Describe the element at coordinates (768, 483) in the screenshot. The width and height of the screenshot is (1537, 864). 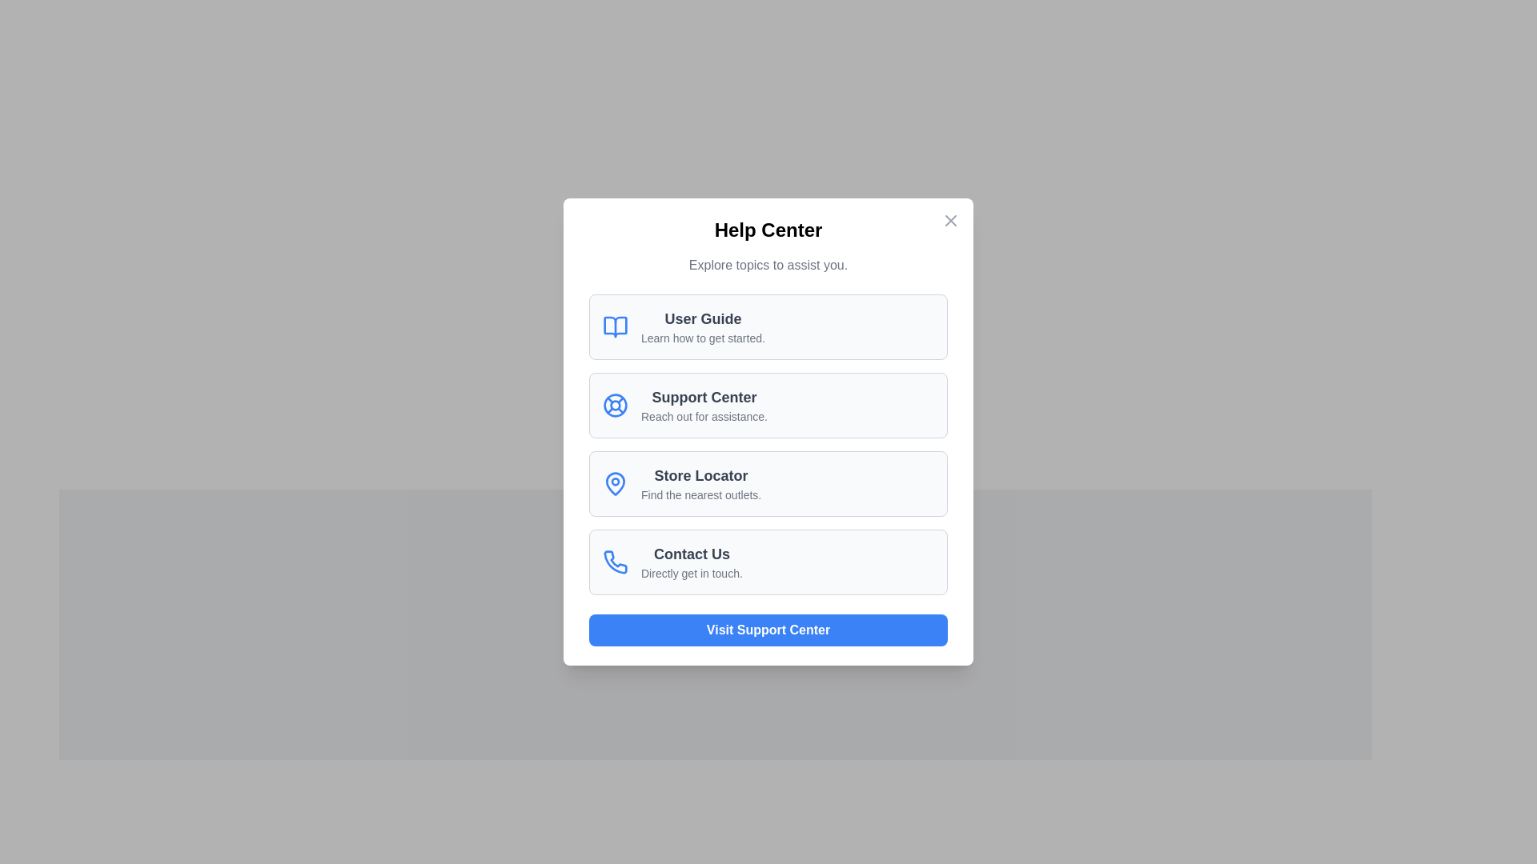
I see `the clickable button styled as a card that allows users to locate nearby stores, positioned third in a vertical list within the 'Help Center' panel` at that location.